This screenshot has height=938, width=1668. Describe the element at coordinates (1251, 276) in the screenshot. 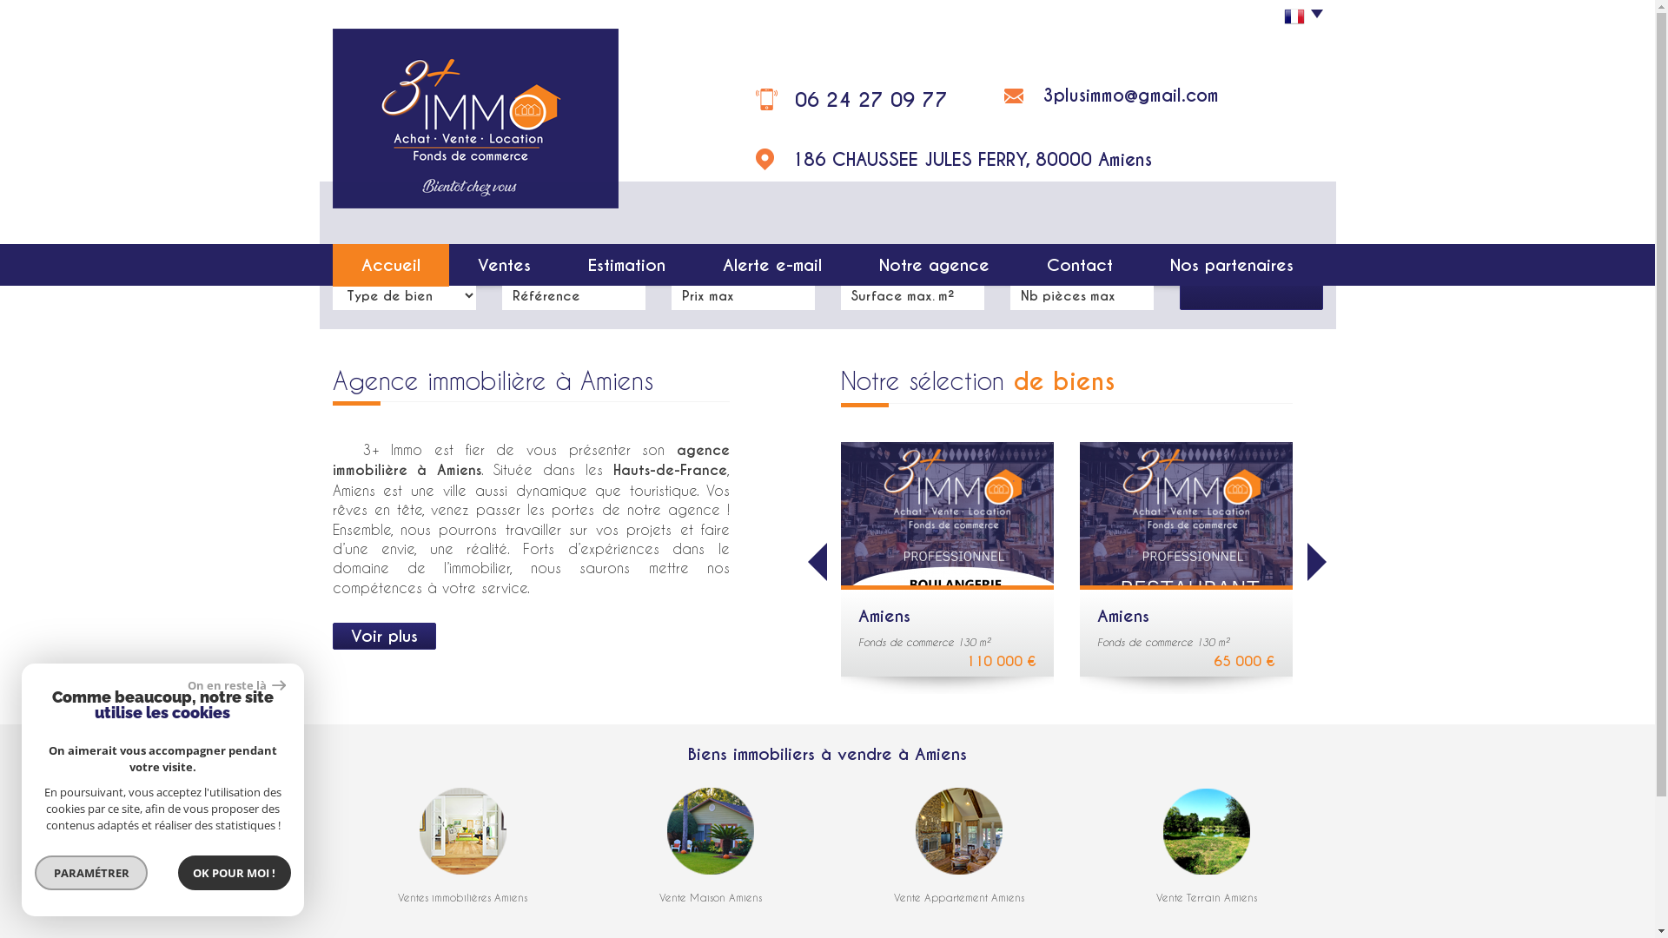

I see `'Recherche'` at that location.